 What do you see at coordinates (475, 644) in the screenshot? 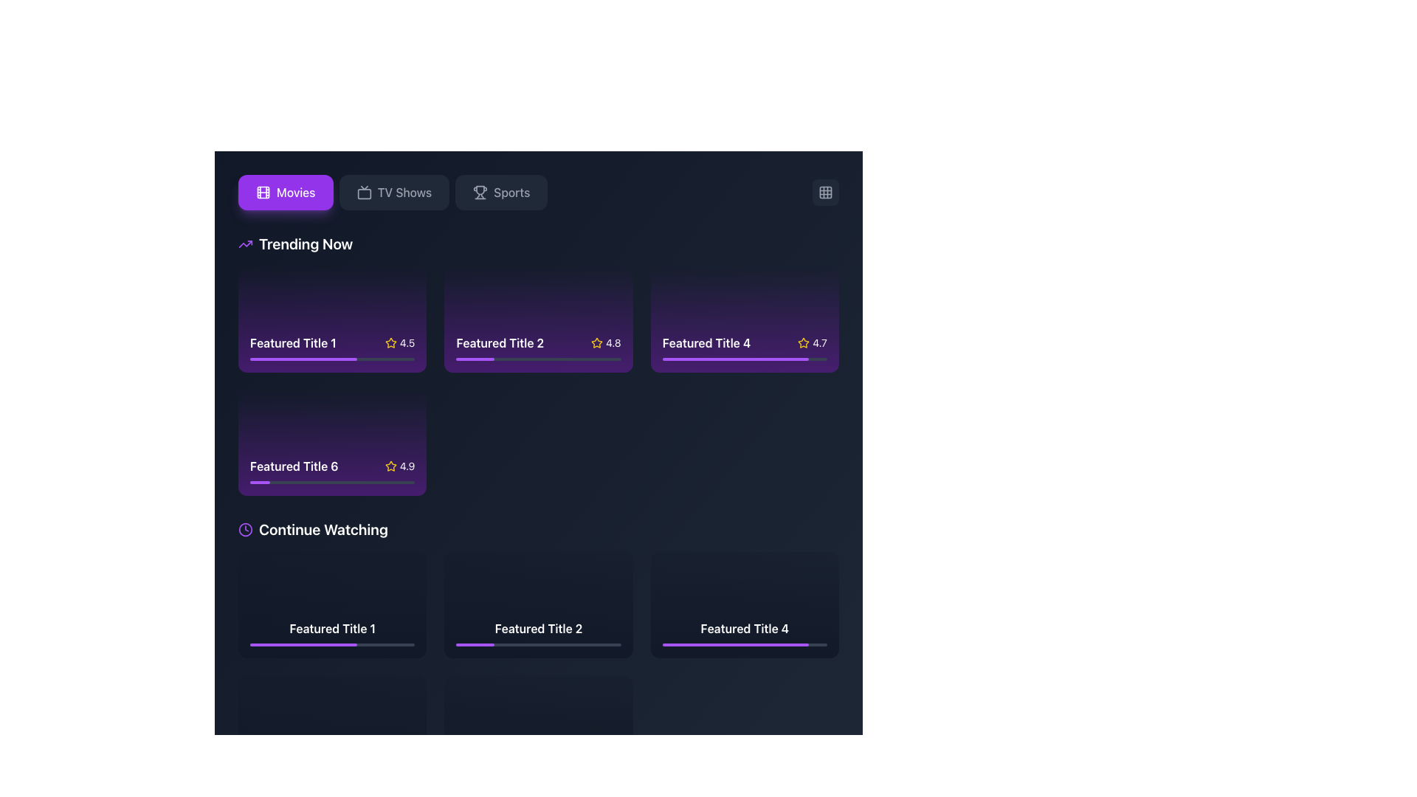
I see `the purple rounded progress bar segment that represents the filled portion of the progress bar in the 'Continue Watching' section for 'Featured Title 2'` at bounding box center [475, 644].